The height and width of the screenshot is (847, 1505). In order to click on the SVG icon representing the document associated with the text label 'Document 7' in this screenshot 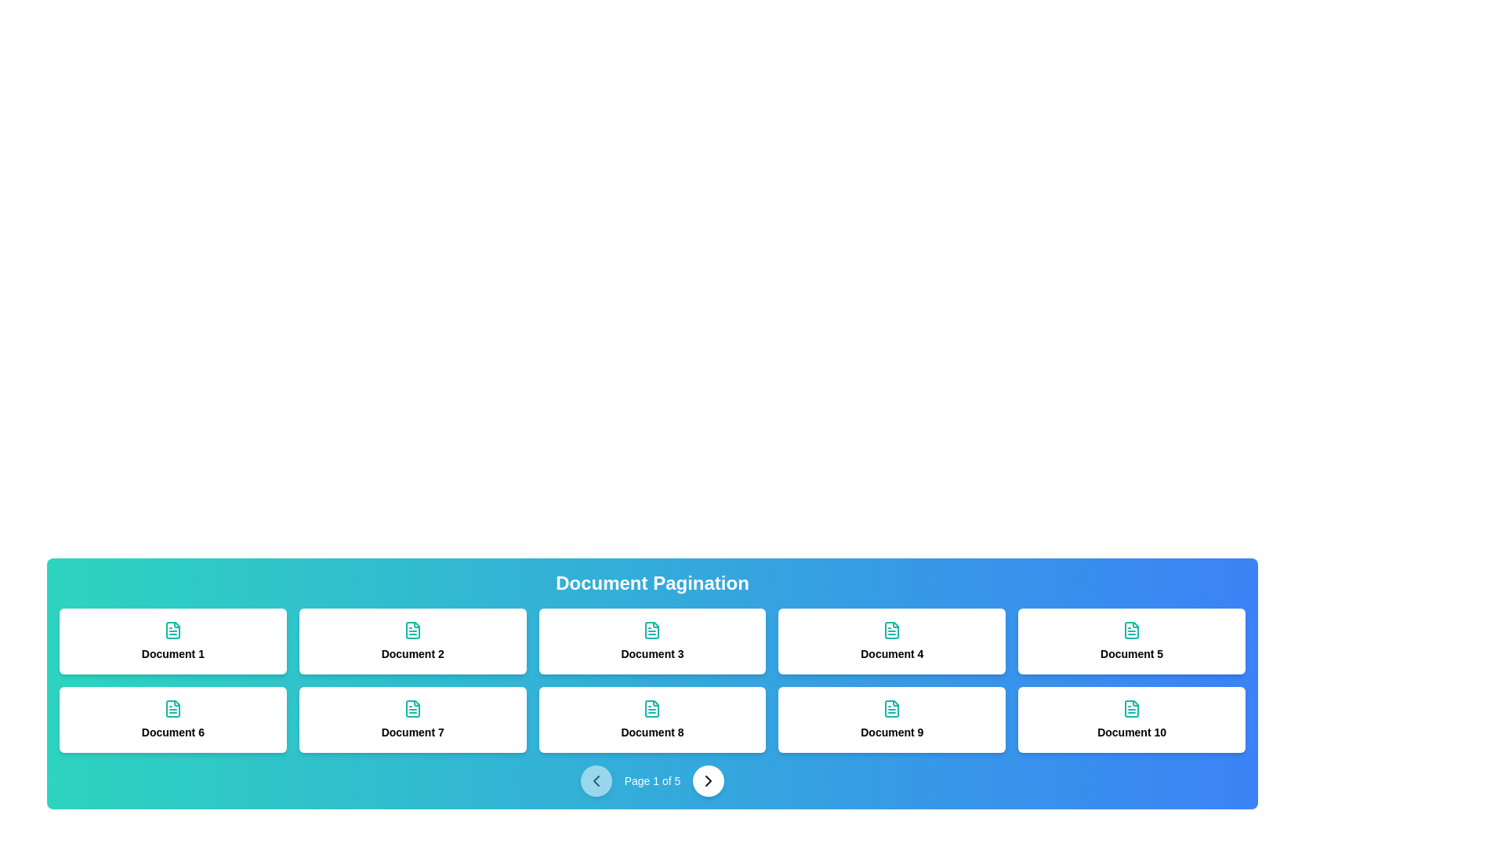, I will do `click(412, 708)`.